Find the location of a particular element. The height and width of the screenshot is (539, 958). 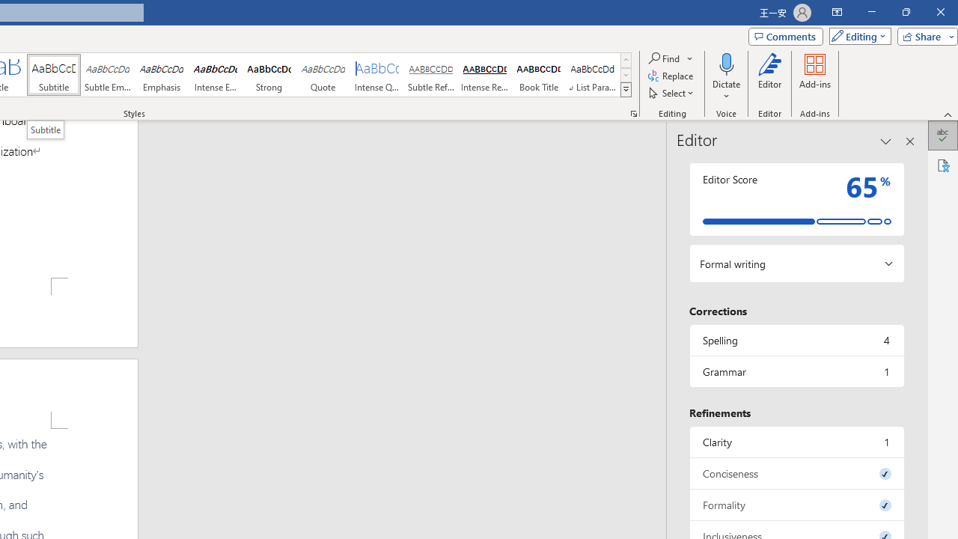

'Close' is located at coordinates (939, 12).